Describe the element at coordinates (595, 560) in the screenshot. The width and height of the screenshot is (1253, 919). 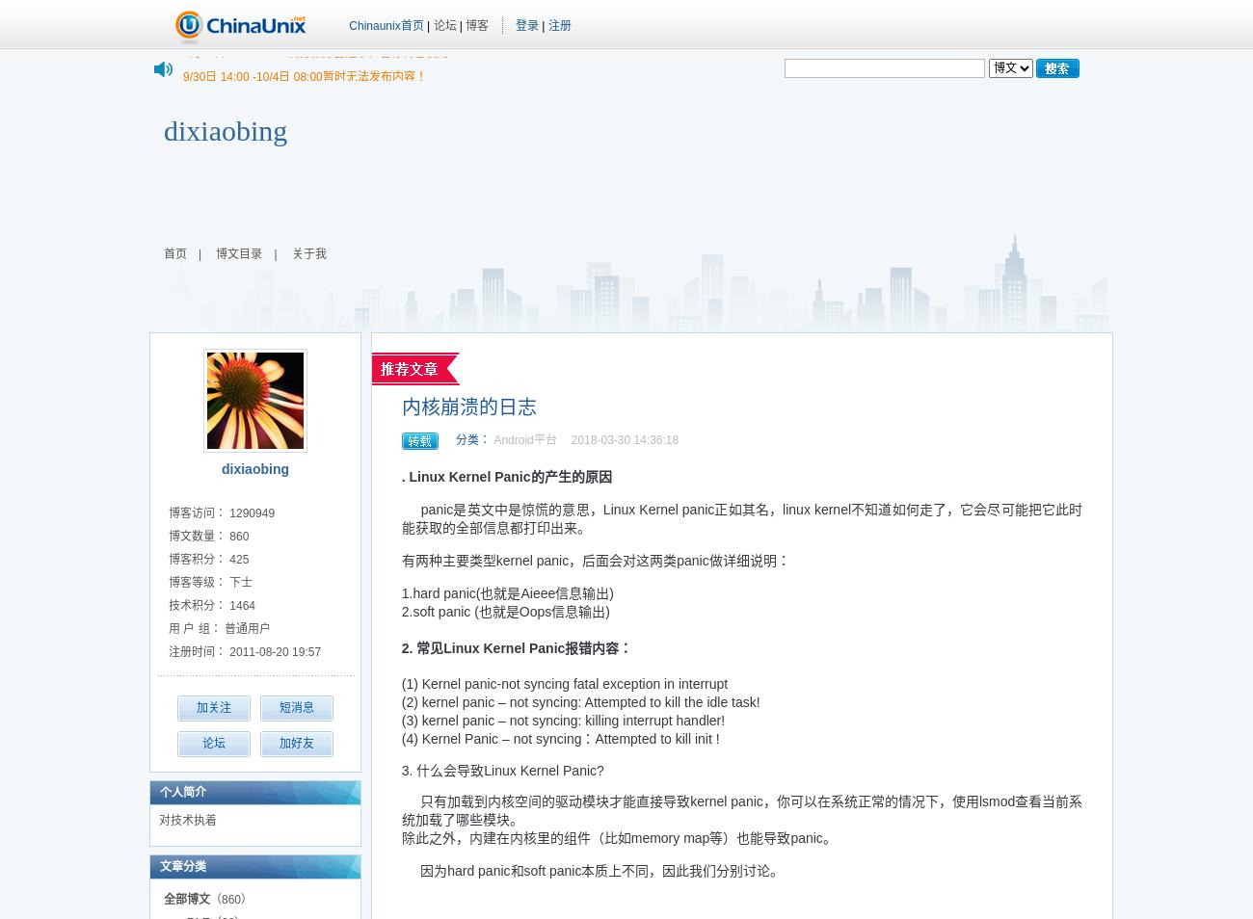
I see `'有两种主要类型kernel panic，后面会对这两类panic做详细说明：'` at that location.